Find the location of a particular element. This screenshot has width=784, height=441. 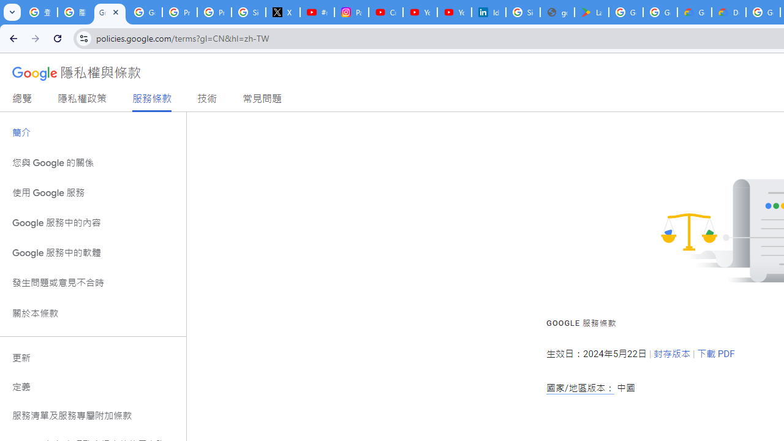

'google_privacy_policy_en.pdf' is located at coordinates (557, 12).